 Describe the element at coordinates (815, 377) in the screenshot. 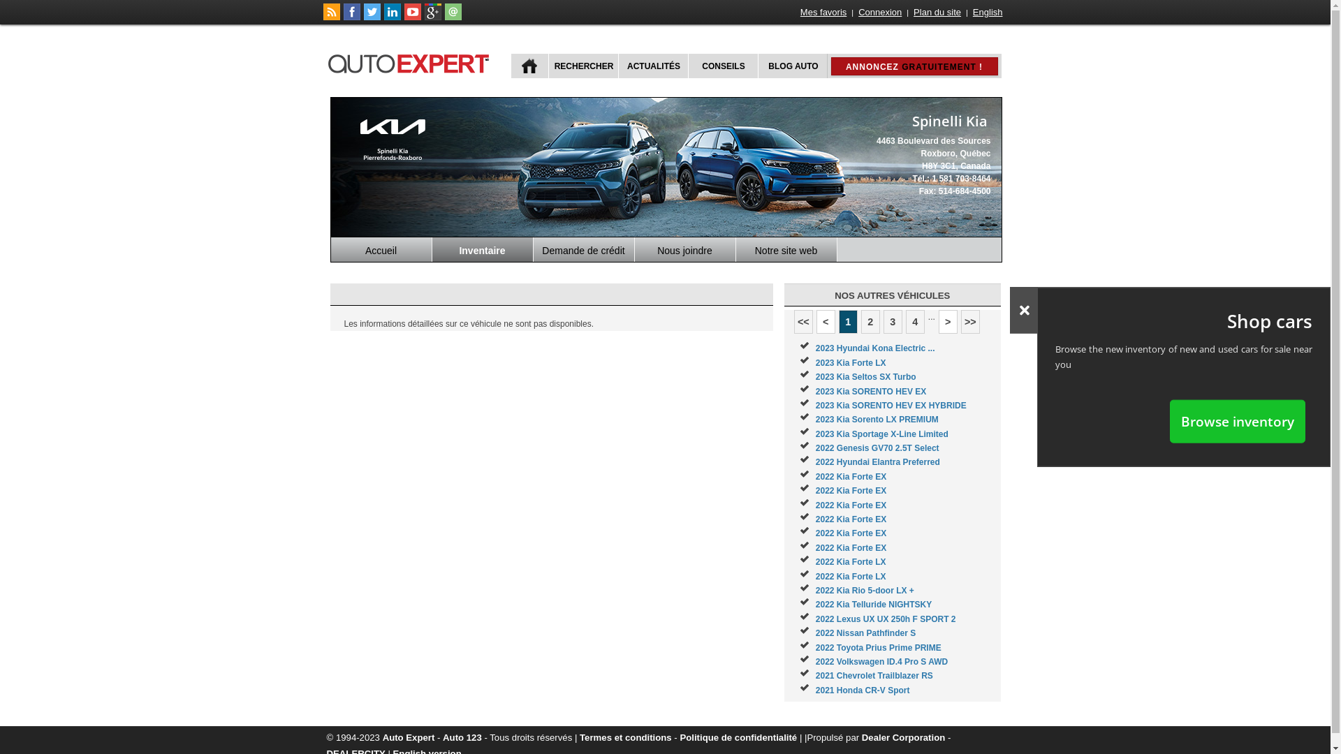

I see `'2023 Kia Seltos SX Turbo'` at that location.